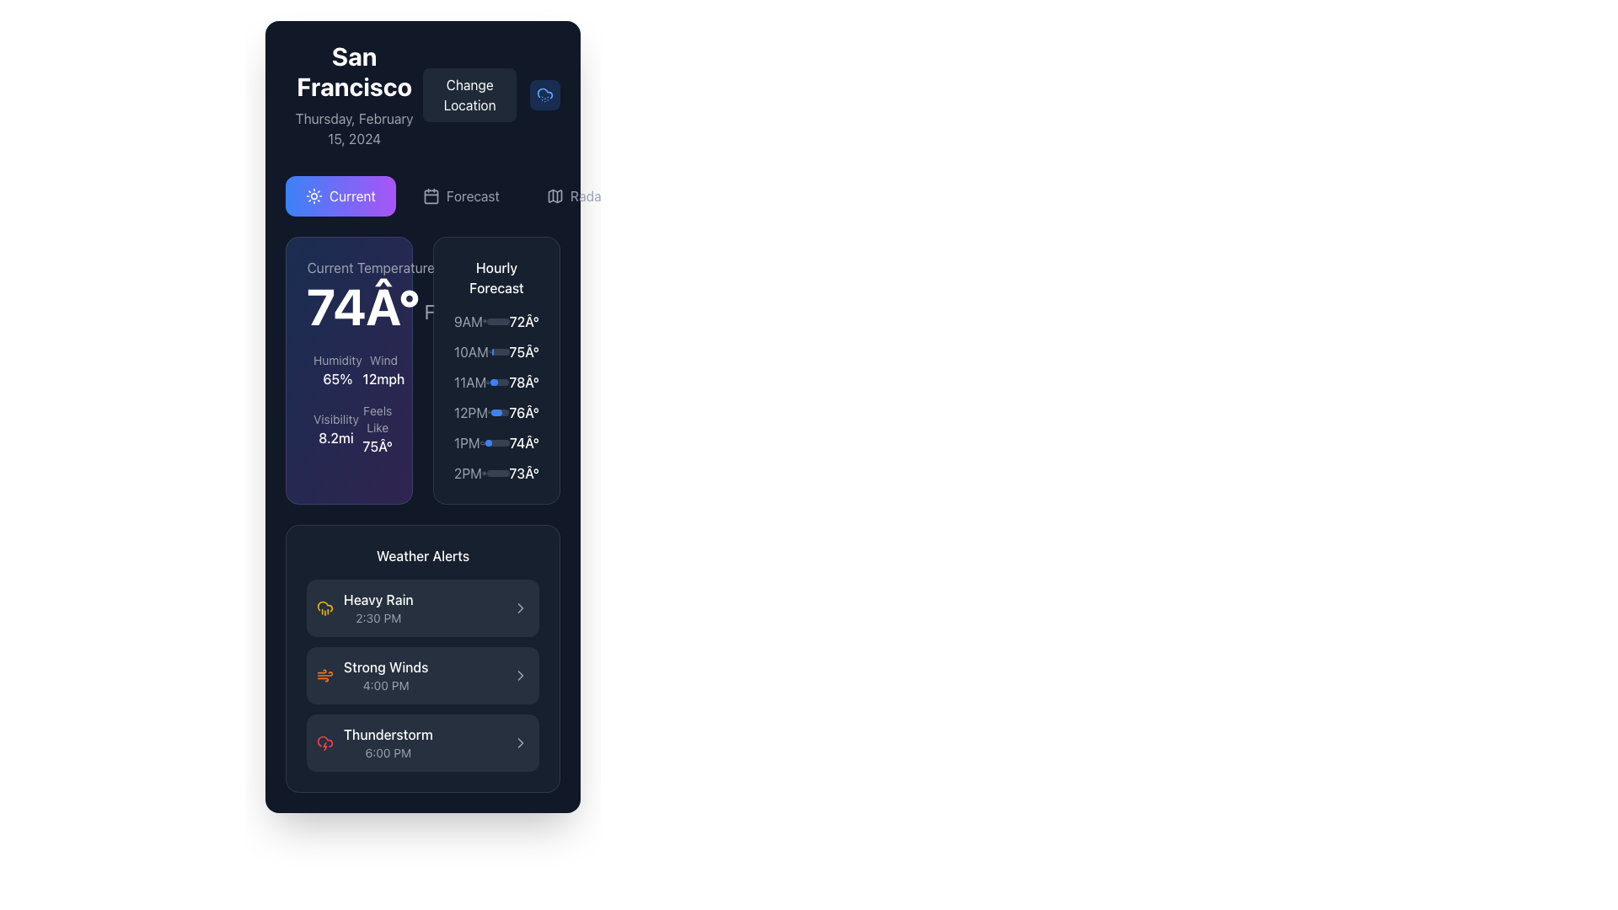  Describe the element at coordinates (372, 369) in the screenshot. I see `the text element displaying the current wind speed in mph, located in the bottom-right corner of the 'Wind' data display card` at that location.